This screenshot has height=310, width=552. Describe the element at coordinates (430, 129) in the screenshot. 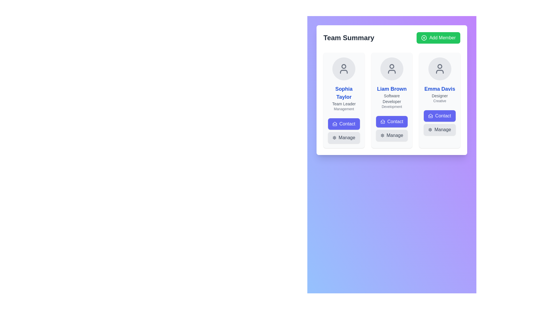

I see `the gear icon located within the 'Manage' button of the card labeled 'Emma Davis'` at that location.